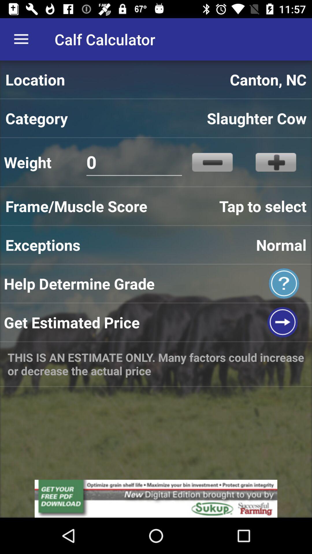  Describe the element at coordinates (275, 162) in the screenshot. I see `weight` at that location.